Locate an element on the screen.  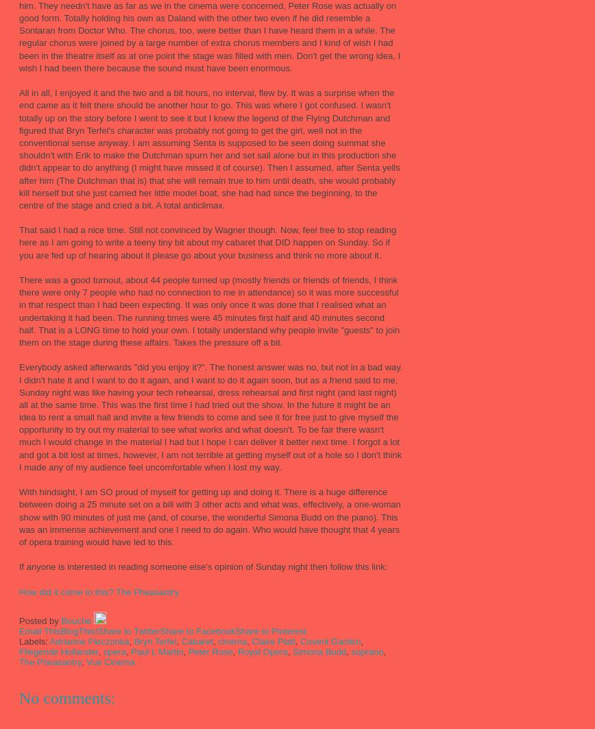
'Posted by' is located at coordinates (40, 620).